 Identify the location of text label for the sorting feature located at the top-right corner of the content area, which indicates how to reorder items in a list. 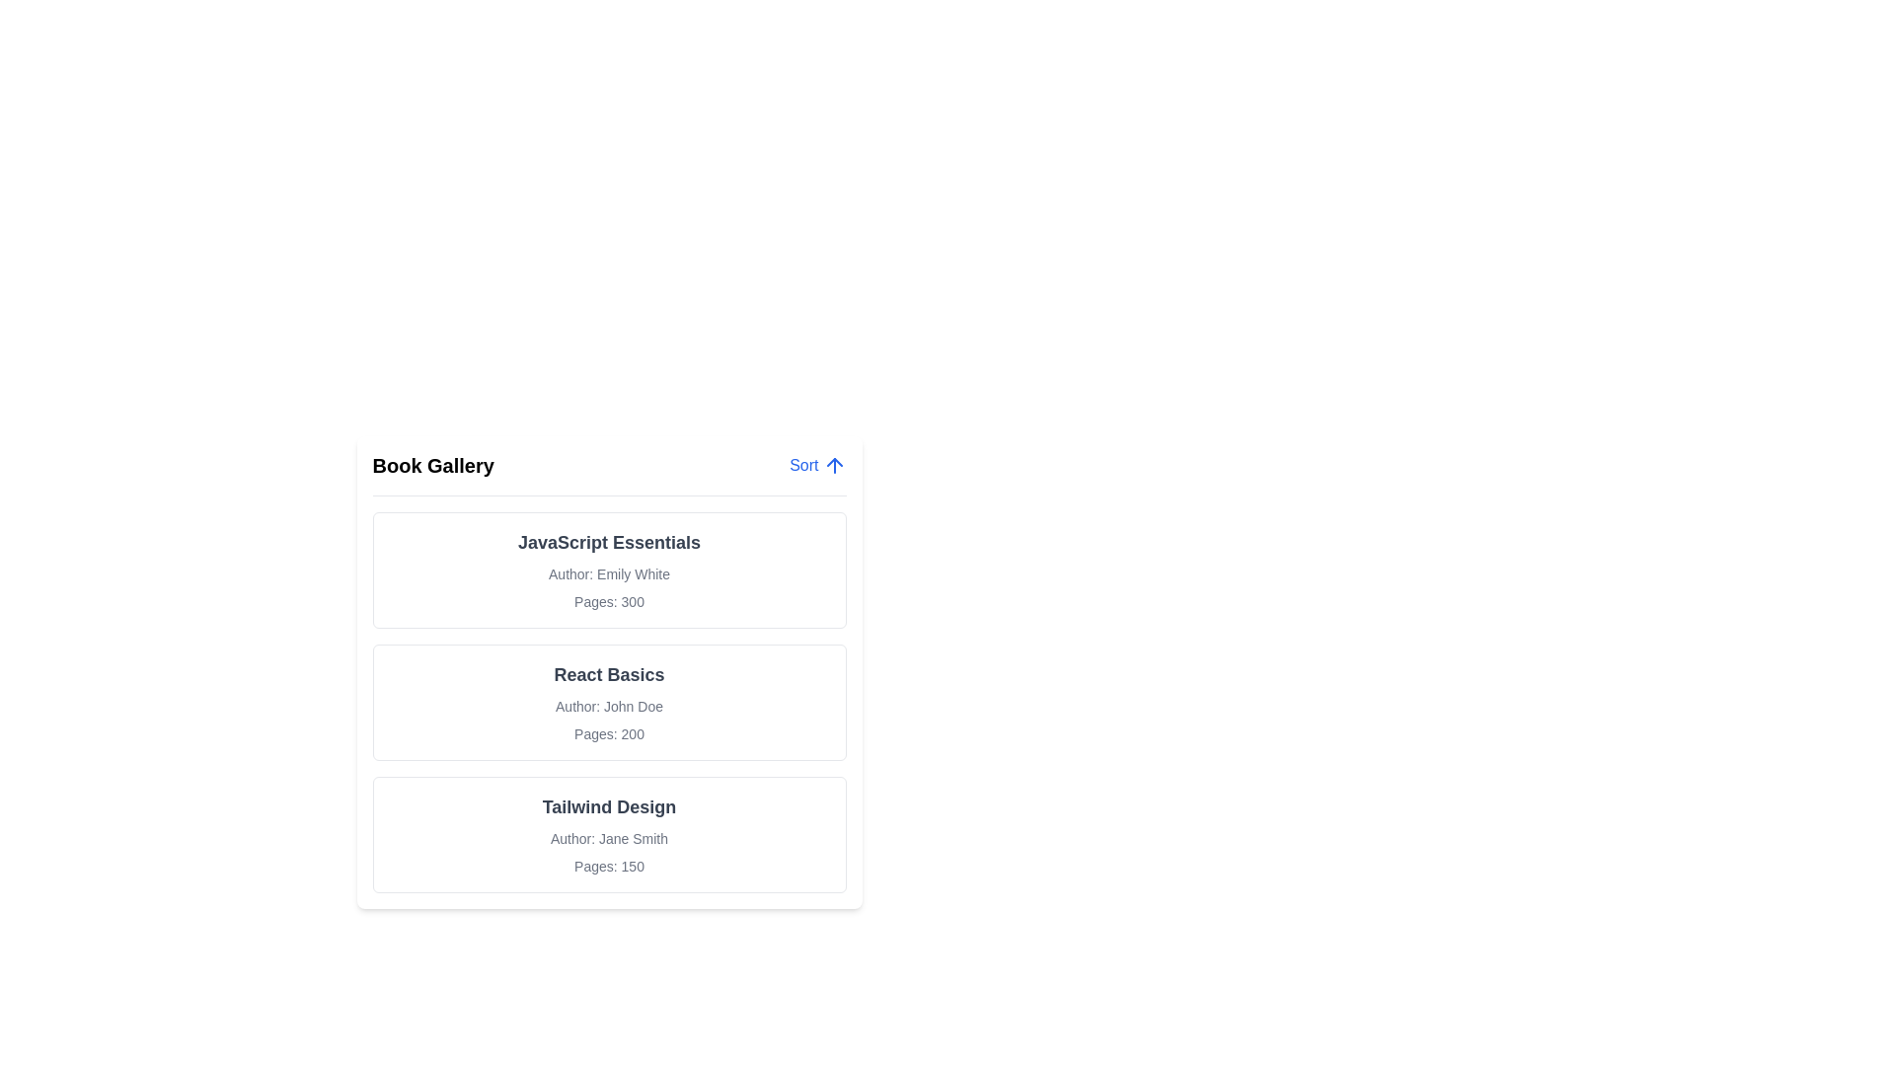
(803, 465).